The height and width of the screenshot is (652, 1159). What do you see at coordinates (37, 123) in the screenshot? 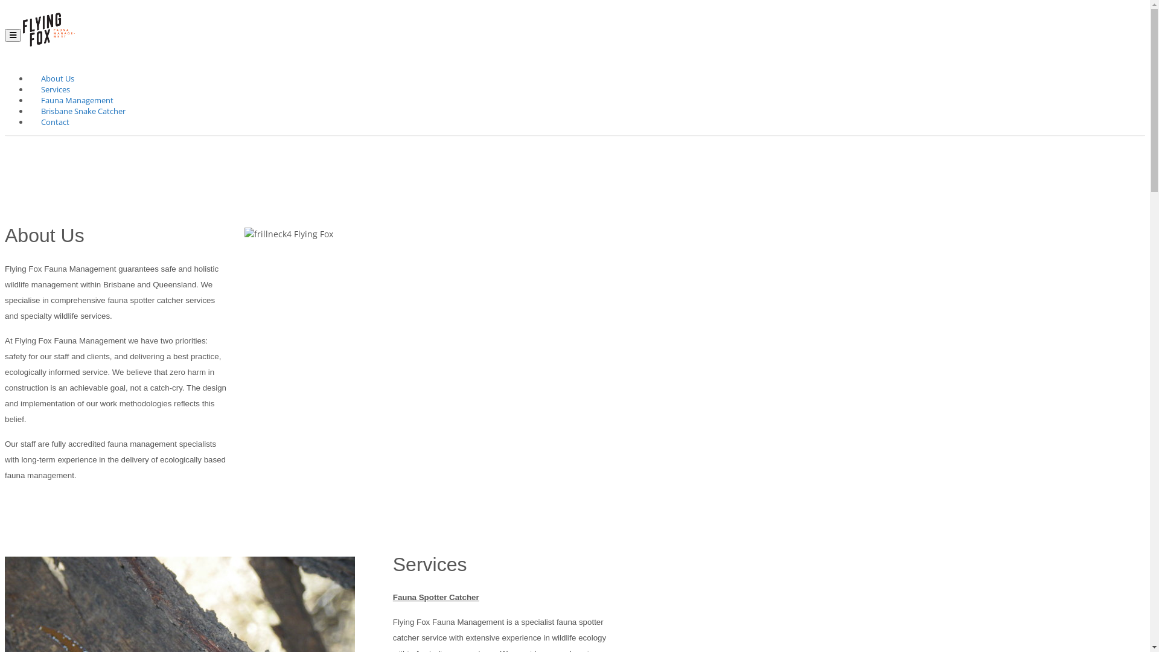
I see `'Contact'` at bounding box center [37, 123].